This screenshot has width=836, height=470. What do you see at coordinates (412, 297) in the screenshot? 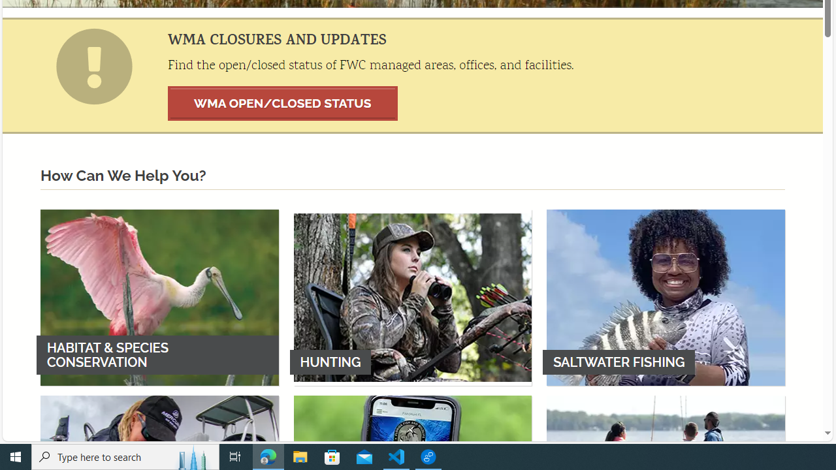
I see `'HUNTING'` at bounding box center [412, 297].